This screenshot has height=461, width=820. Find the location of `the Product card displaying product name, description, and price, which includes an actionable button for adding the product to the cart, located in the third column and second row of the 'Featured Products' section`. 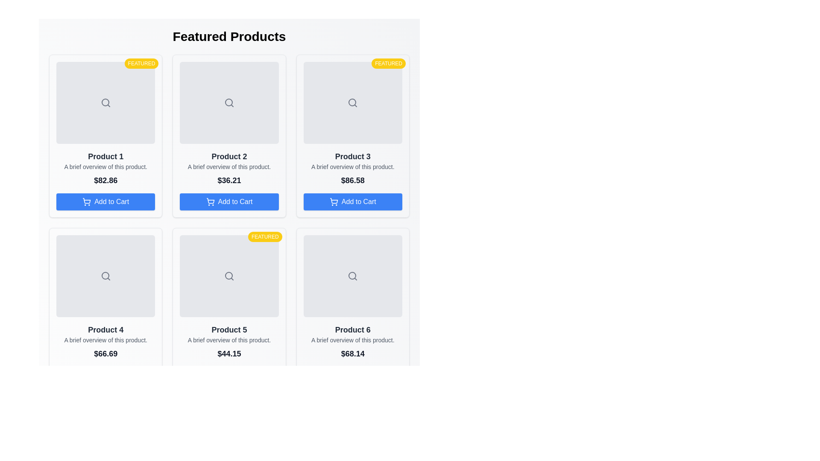

the Product card displaying product name, description, and price, which includes an actionable button for adding the product to the cart, located in the third column and second row of the 'Featured Products' section is located at coordinates (353, 309).